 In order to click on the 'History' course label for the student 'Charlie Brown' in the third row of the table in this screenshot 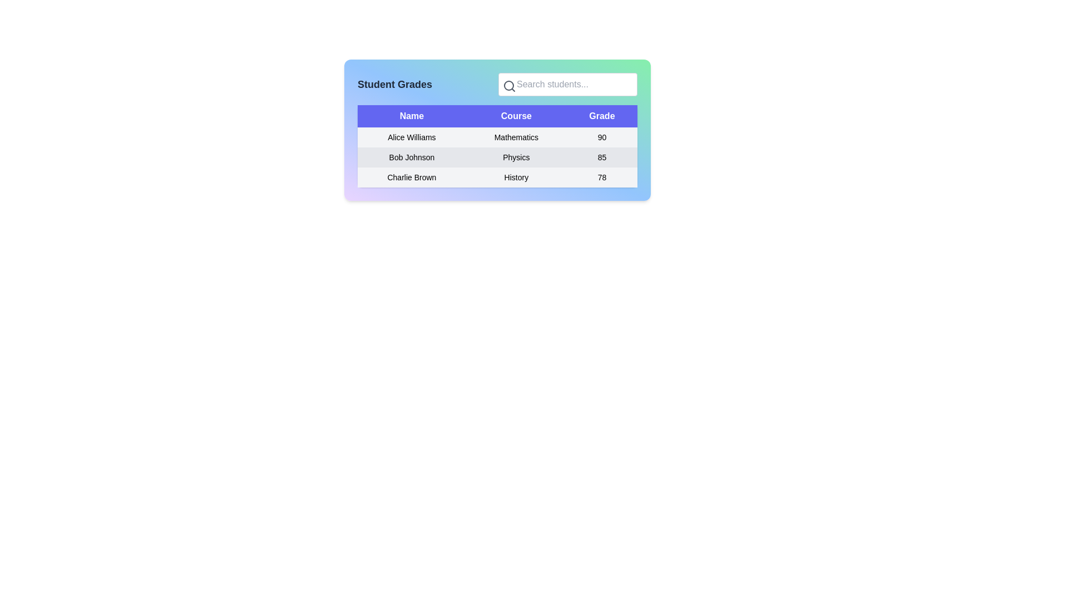, I will do `click(516, 177)`.